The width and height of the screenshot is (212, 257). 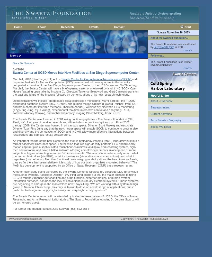 What do you see at coordinates (169, 38) in the screenshot?
I see `'About the Swartz Foundation...'` at bounding box center [169, 38].